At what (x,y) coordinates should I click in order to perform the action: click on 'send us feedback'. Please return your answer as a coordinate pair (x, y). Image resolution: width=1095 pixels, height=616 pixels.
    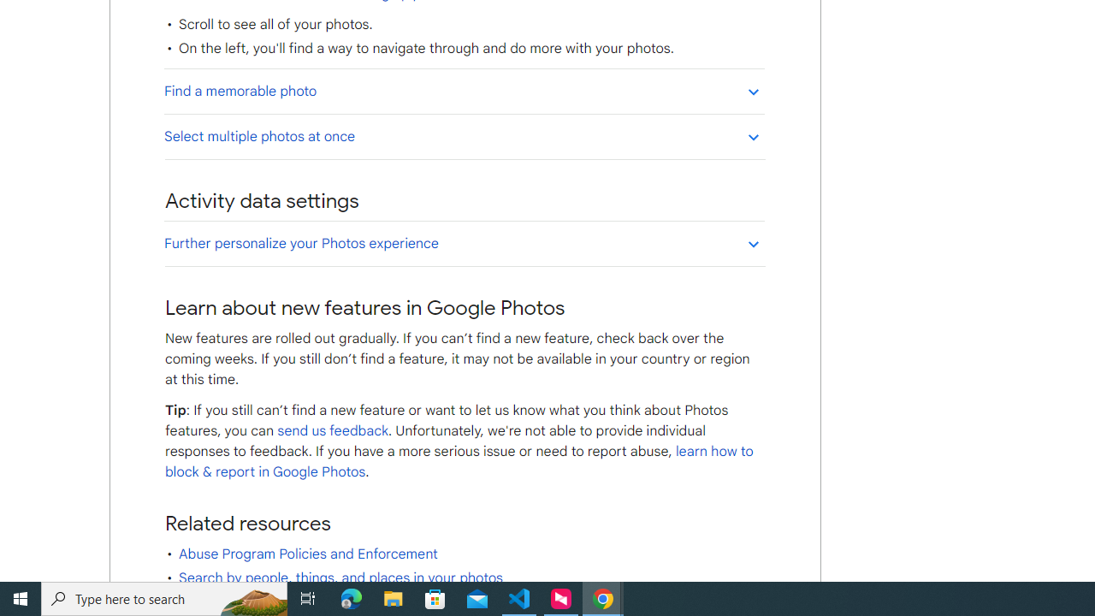
    Looking at the image, I should click on (333, 429).